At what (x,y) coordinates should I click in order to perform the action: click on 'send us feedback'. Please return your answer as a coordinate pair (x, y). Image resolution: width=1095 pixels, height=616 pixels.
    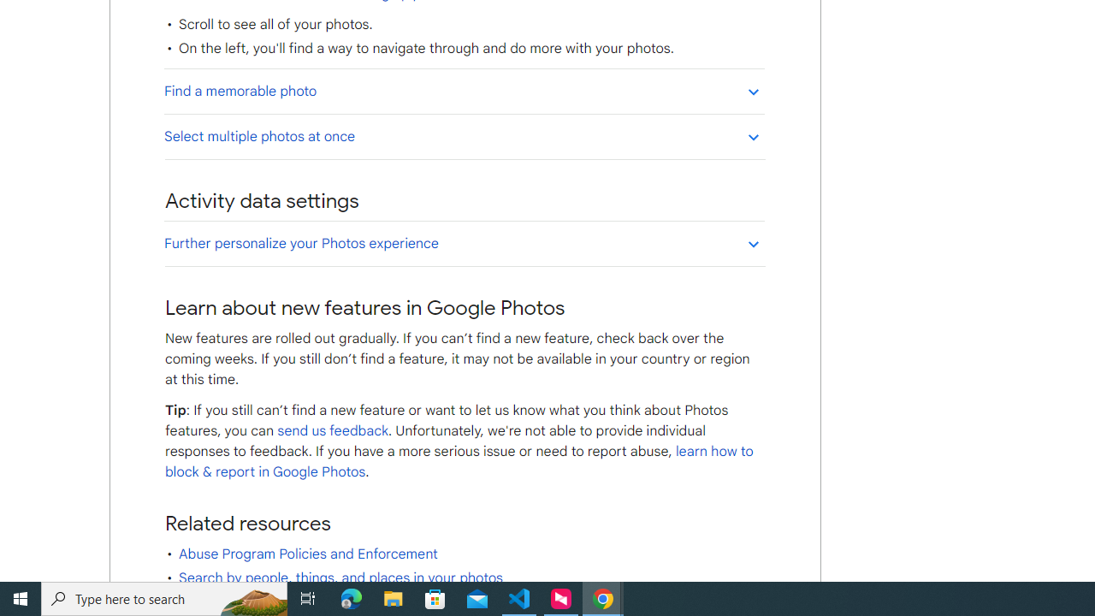
    Looking at the image, I should click on (333, 429).